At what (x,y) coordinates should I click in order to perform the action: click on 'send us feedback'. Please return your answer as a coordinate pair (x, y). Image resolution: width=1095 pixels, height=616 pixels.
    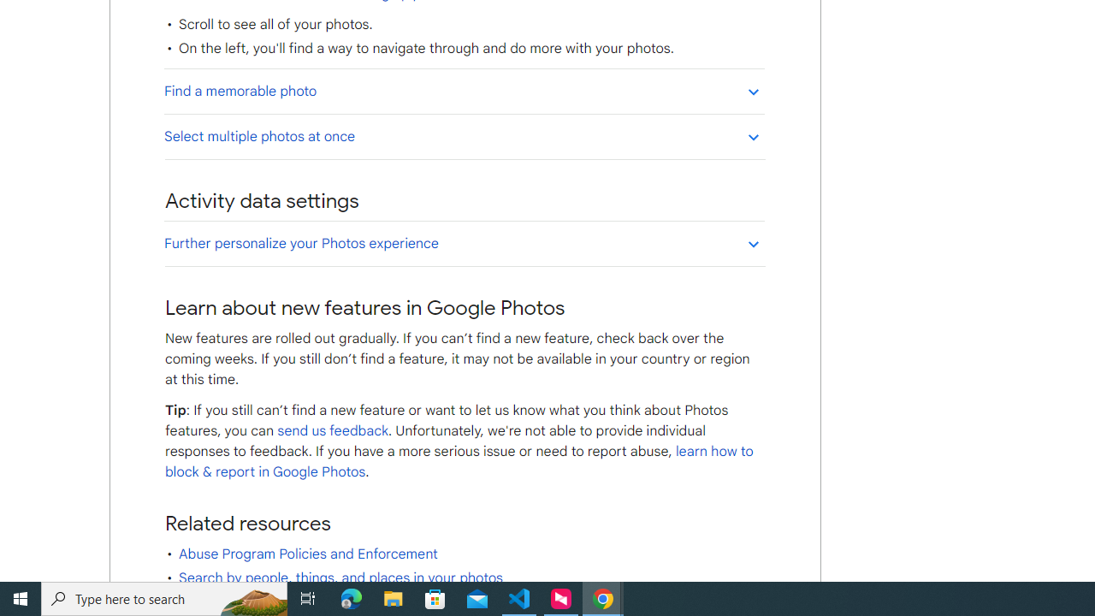
    Looking at the image, I should click on (333, 429).